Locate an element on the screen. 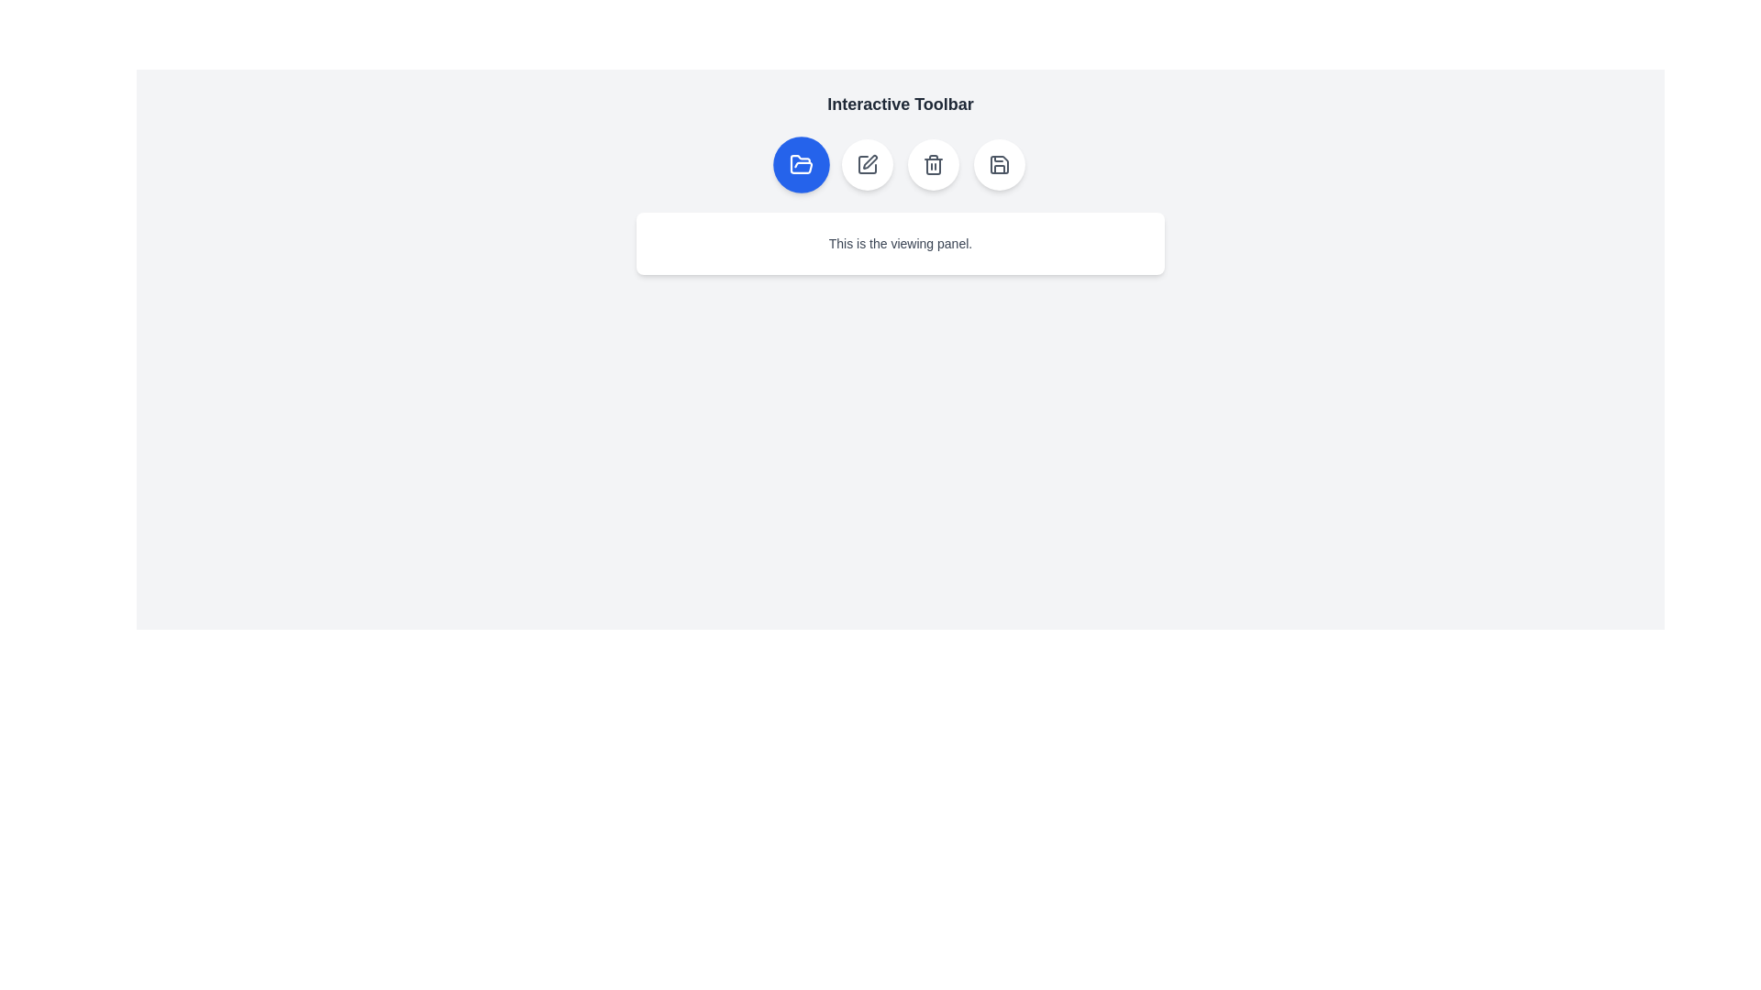  the folder icon, which is a blue folder graphic with a white outline located at the top center of the interface in the toolbar is located at coordinates (801, 163).